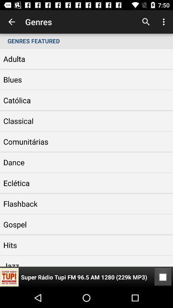 Image resolution: width=173 pixels, height=308 pixels. I want to click on item to the right of genres icon, so click(146, 22).